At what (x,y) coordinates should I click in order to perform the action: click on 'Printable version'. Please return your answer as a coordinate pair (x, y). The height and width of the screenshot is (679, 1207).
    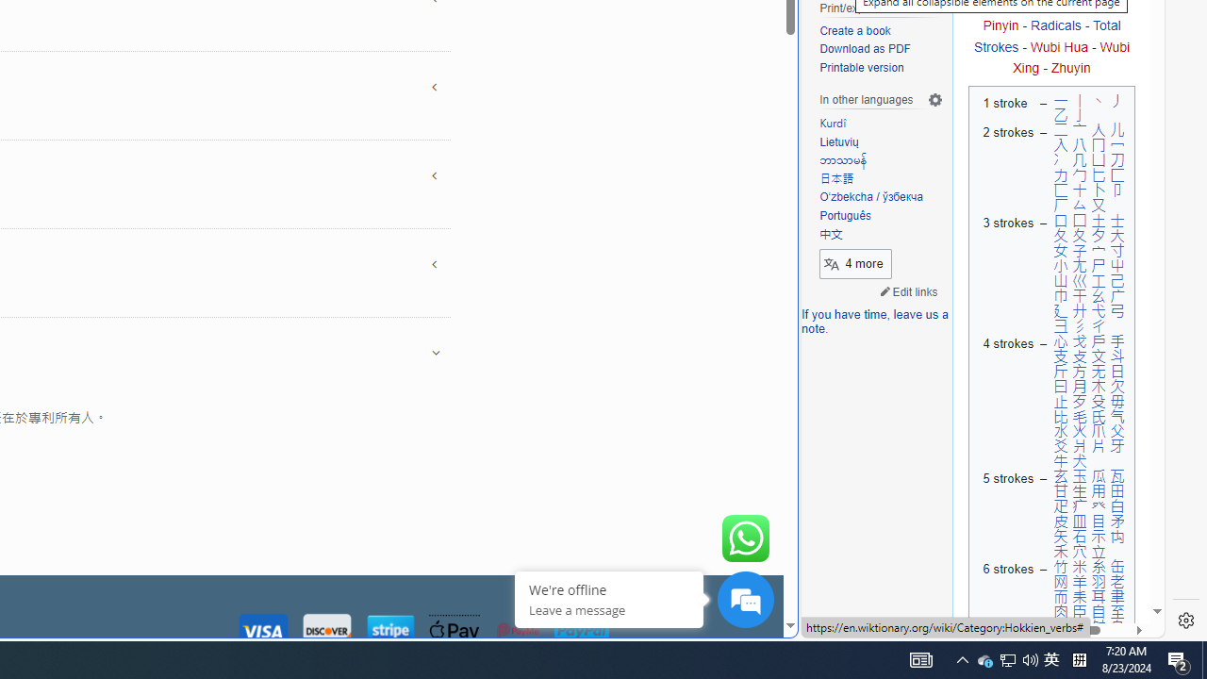
    Looking at the image, I should click on (881, 67).